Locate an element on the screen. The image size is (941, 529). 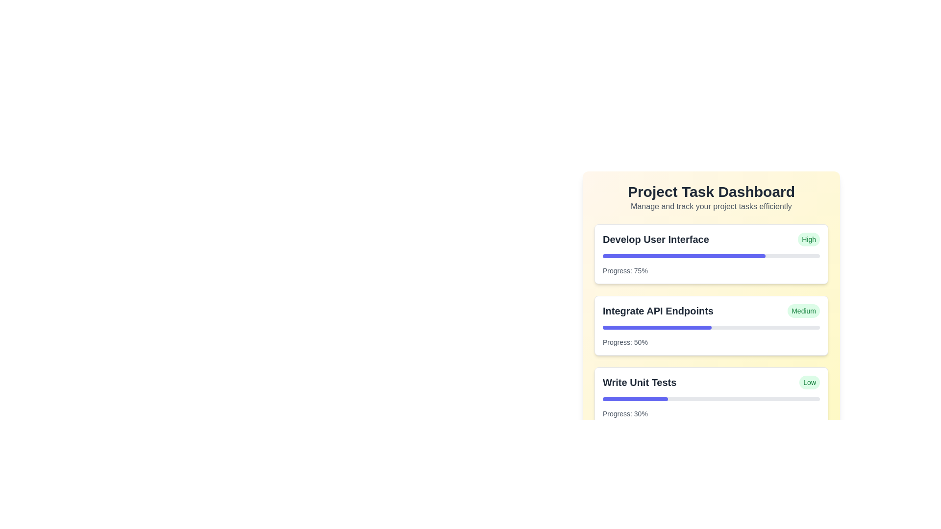
progress indication from the progress bar located beneath the text 'Integrate API Endpoints' and above the 'Progress: 50%' text, which currently shows 50% progress is located at coordinates (711, 327).